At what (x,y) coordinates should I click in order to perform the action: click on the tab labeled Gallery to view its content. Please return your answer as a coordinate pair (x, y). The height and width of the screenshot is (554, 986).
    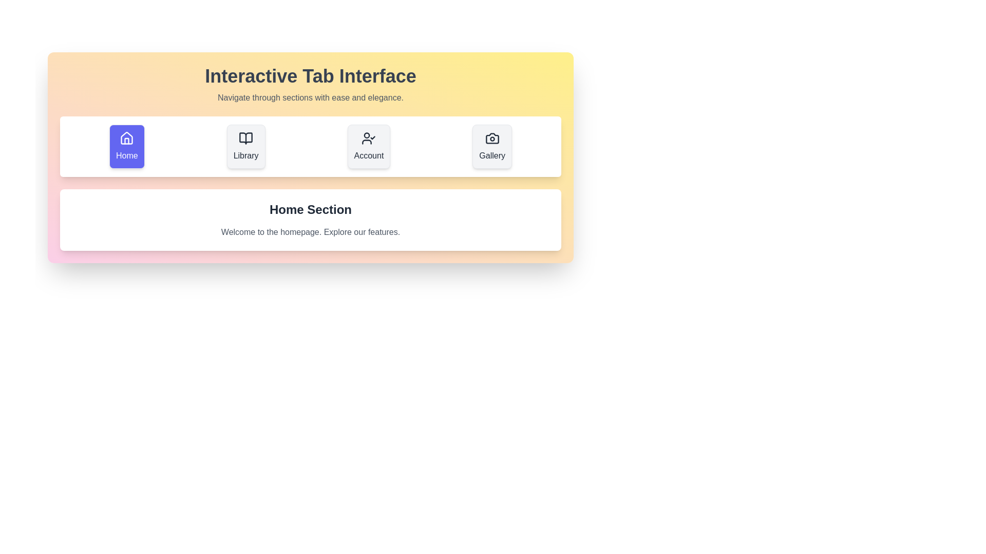
    Looking at the image, I should click on (491, 146).